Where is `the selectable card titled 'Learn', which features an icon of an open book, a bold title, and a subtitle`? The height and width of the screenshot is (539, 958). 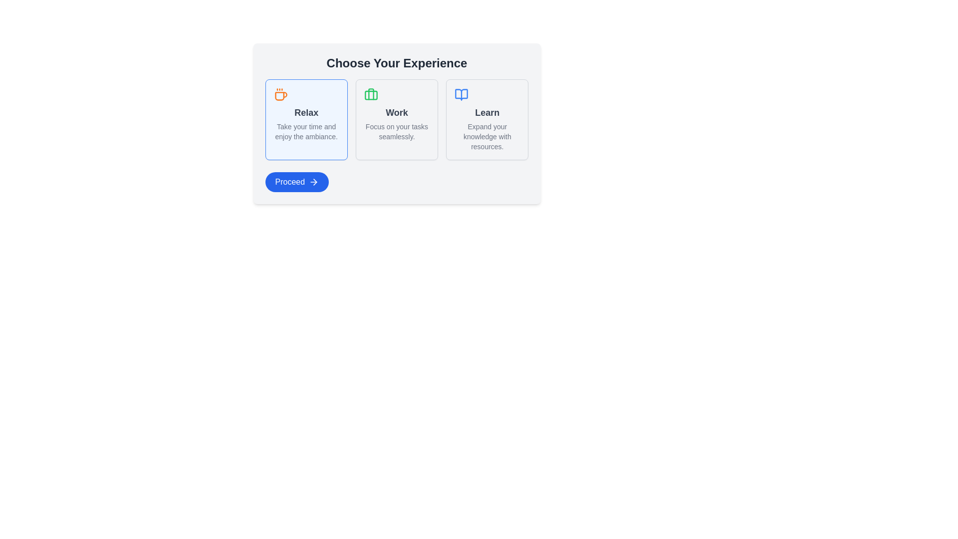
the selectable card titled 'Learn', which features an icon of an open book, a bold title, and a subtitle is located at coordinates (487, 119).